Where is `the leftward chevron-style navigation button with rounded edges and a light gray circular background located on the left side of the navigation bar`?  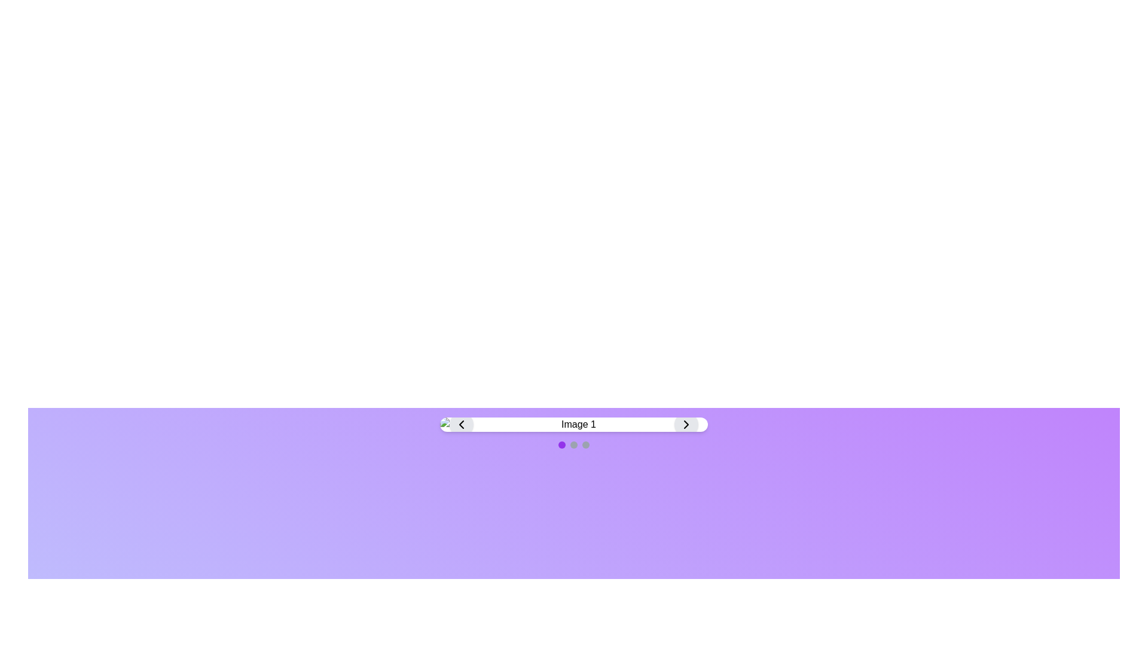 the leftward chevron-style navigation button with rounded edges and a light gray circular background located on the left side of the navigation bar is located at coordinates (461, 423).